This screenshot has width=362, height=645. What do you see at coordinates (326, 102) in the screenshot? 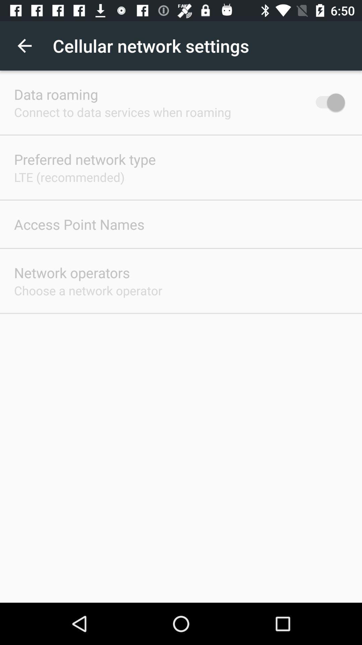
I see `the icon to the right of connect to data icon` at bounding box center [326, 102].